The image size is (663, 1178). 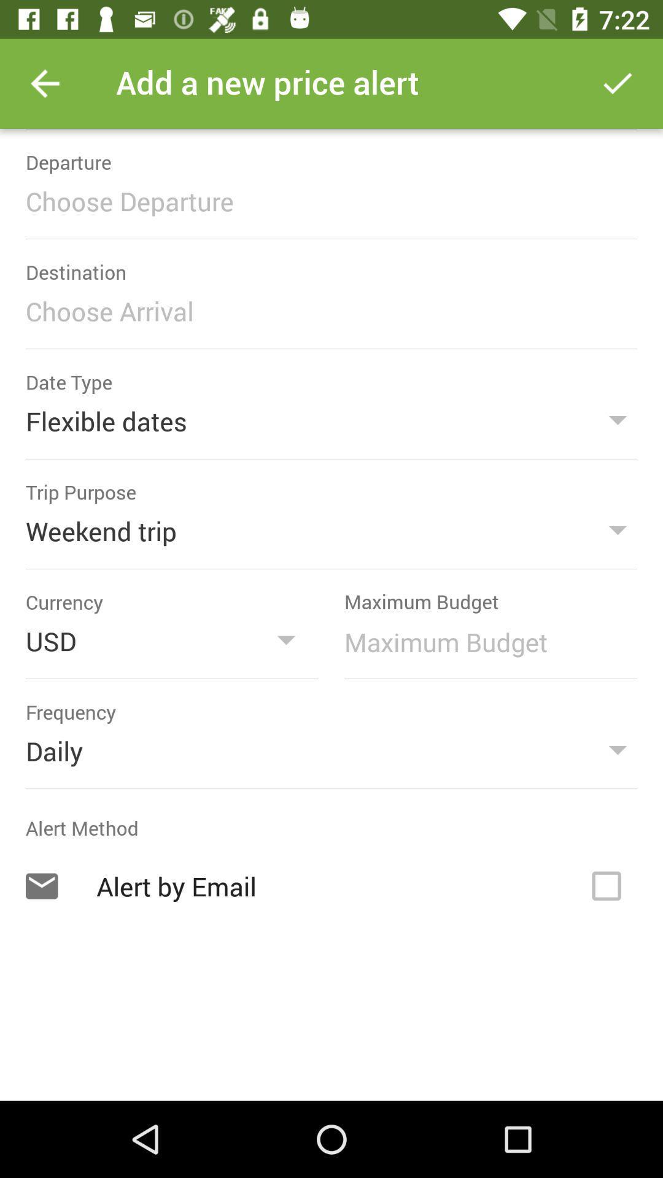 I want to click on the item at the top right corner, so click(x=618, y=83).